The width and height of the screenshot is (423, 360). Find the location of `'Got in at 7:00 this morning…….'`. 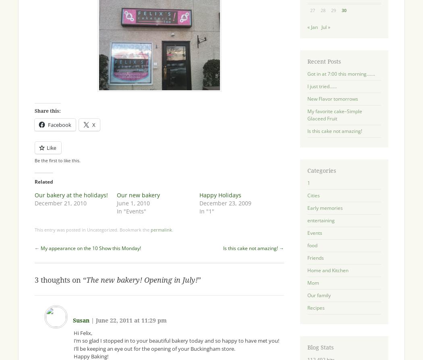

'Got in at 7:00 this morning…….' is located at coordinates (340, 74).